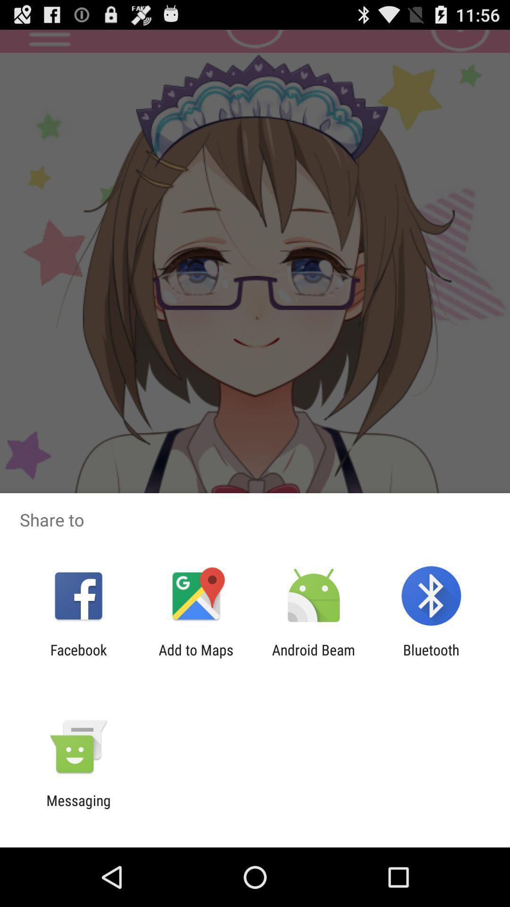  Describe the element at coordinates (314, 658) in the screenshot. I see `the android beam icon` at that location.